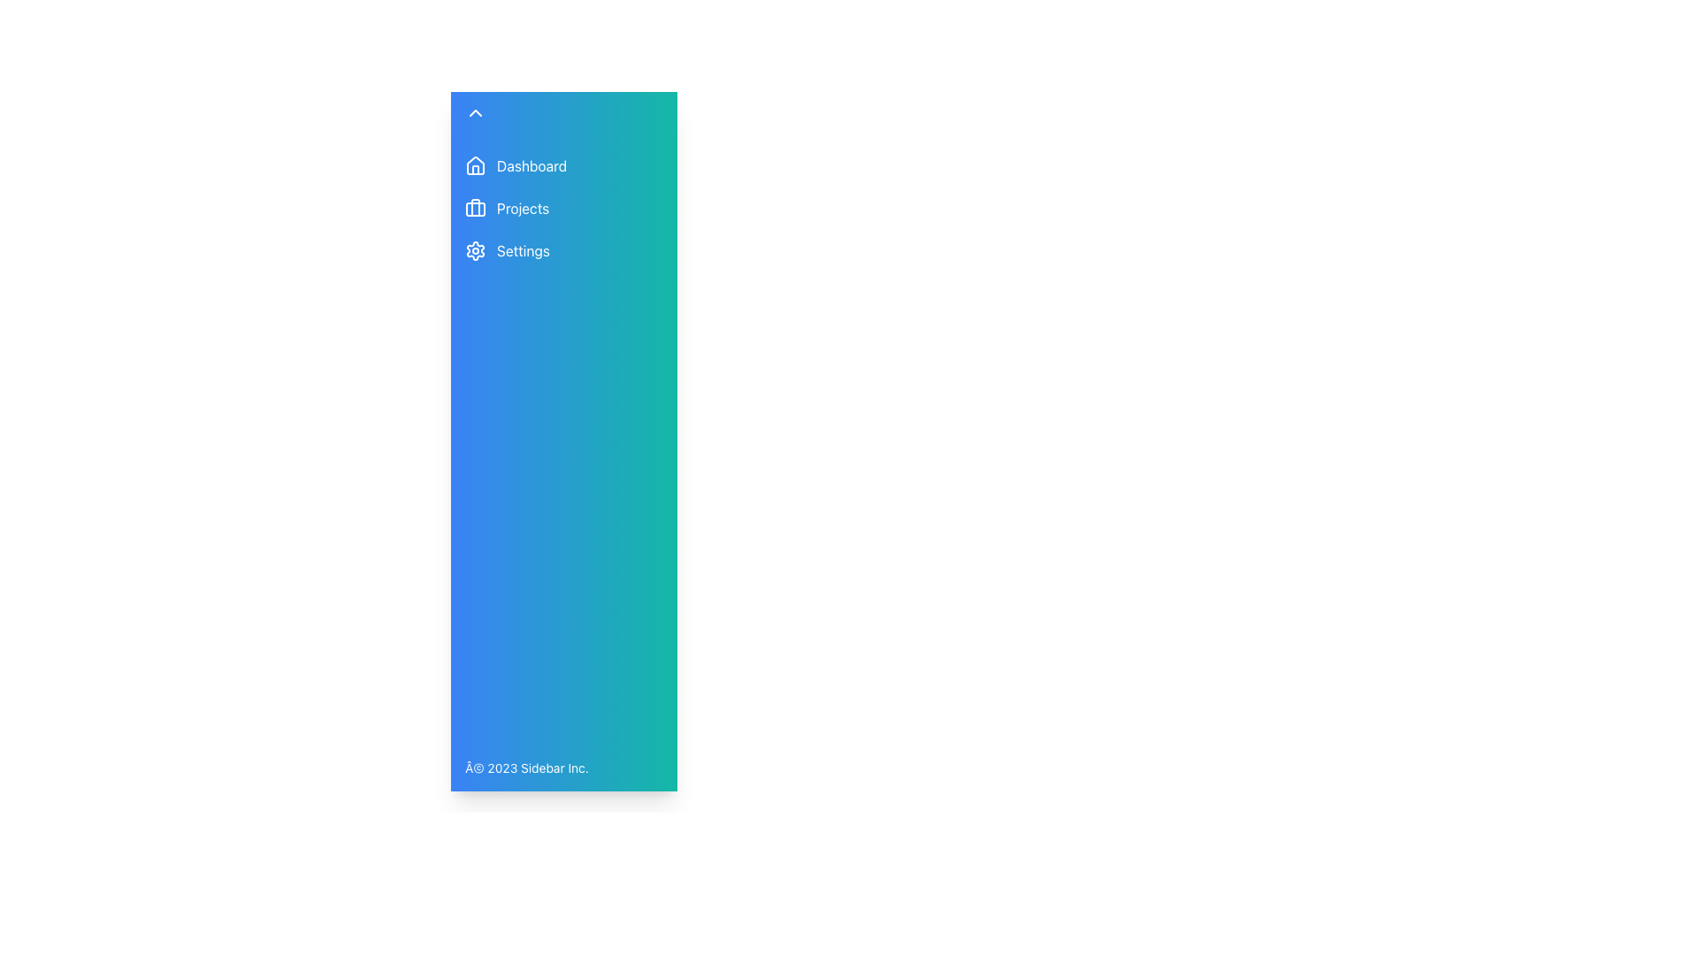  I want to click on the interior vertical rectangle of the house icon located next to the 'Dashboard' label in the vertical navigation menu, so click(475, 170).